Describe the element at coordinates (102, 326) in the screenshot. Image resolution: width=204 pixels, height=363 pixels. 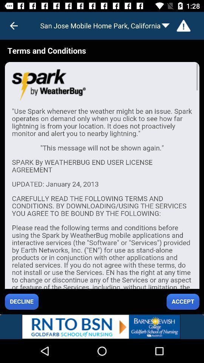
I see `open advertisement` at that location.